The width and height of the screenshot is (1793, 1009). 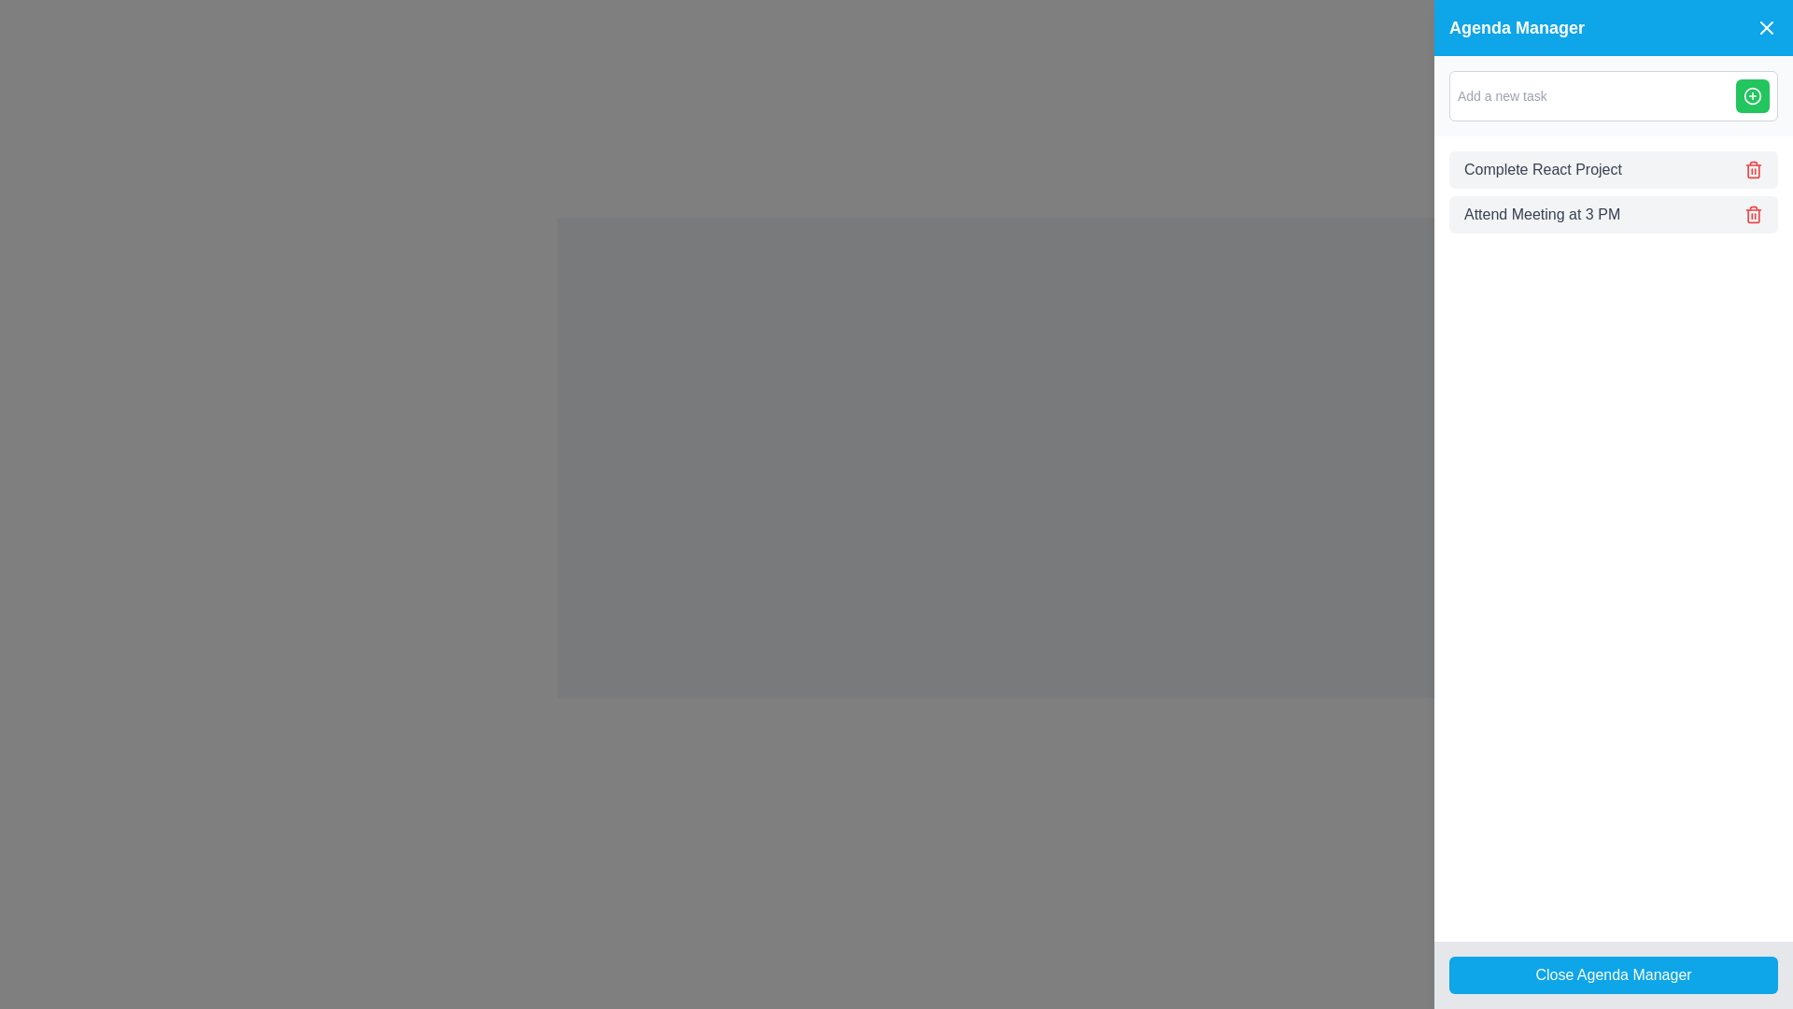 What do you see at coordinates (1543, 169) in the screenshot?
I see `the text label 'Complete React Project' in the 'Agenda Manager' section, which is styled in gray and is the first item in the vertically stacked list` at bounding box center [1543, 169].